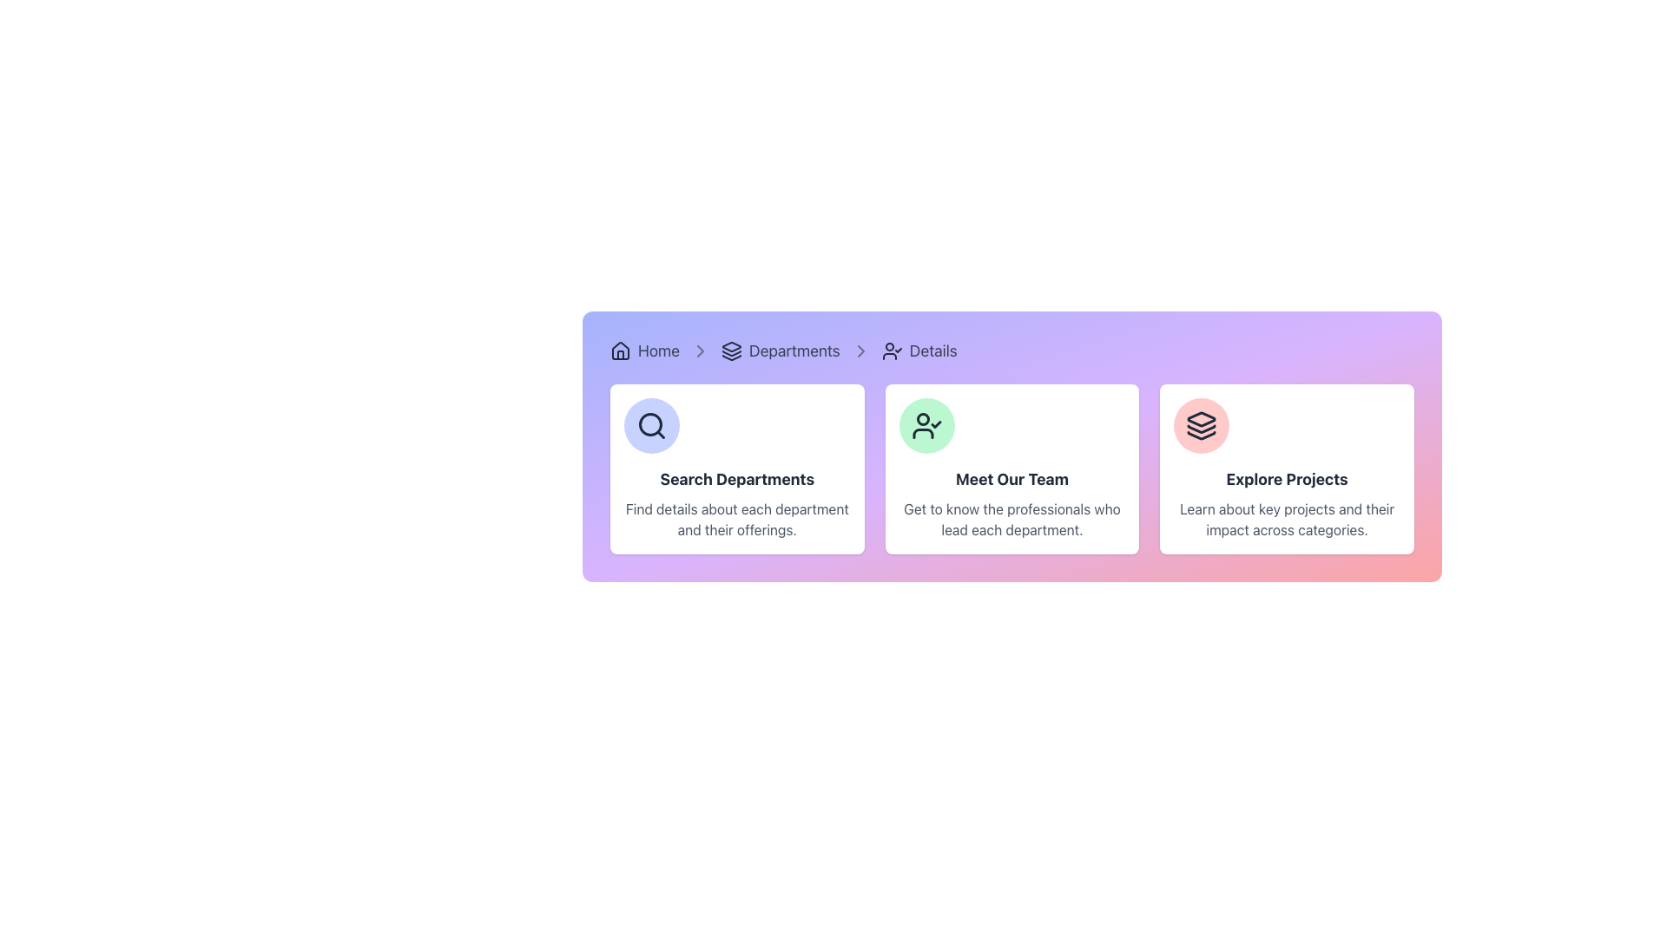  Describe the element at coordinates (1012, 468) in the screenshot. I see `the Informational Card featuring a circular green user-check icon and the text 'Meet Our Team', which is the middle card in a grid layout` at that location.